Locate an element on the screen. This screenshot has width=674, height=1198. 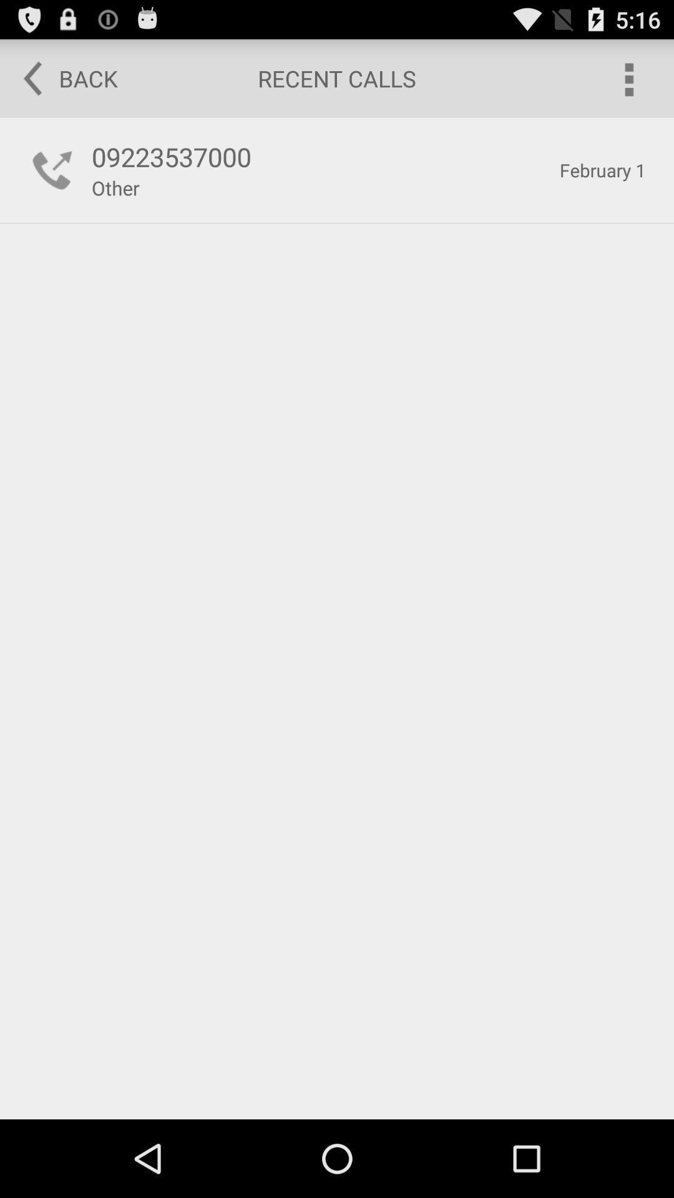
app next to february 1 item is located at coordinates (115, 187).